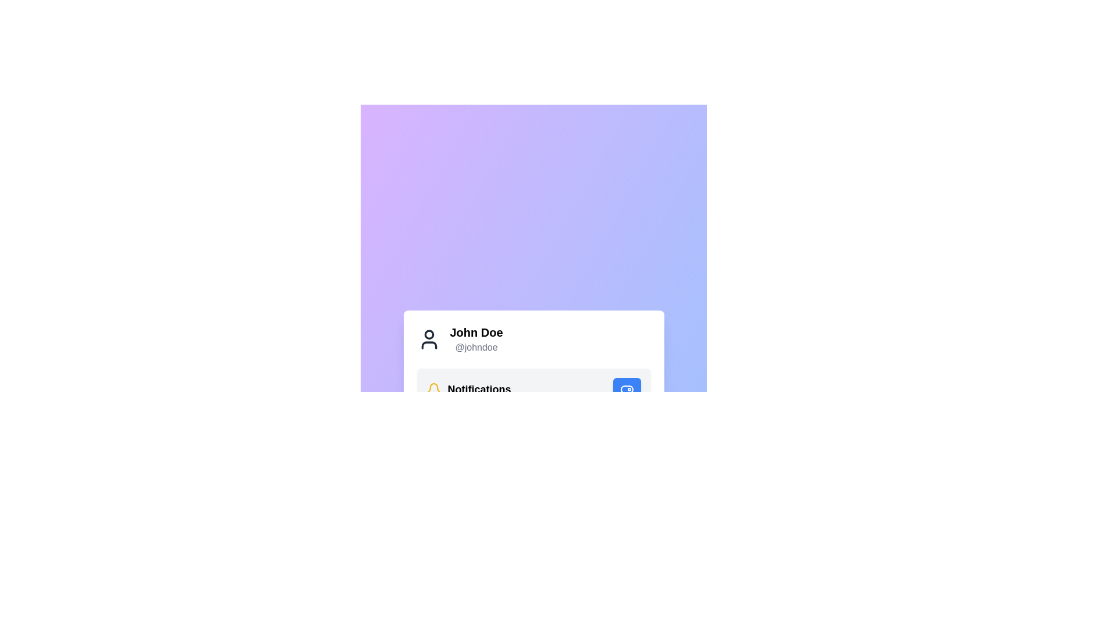 The width and height of the screenshot is (1117, 628). Describe the element at coordinates (428, 345) in the screenshot. I see `the curved line resembling the shoulders or torso of the user icon, which is part of an SVG graphic and located directly below the circular head-like element` at that location.